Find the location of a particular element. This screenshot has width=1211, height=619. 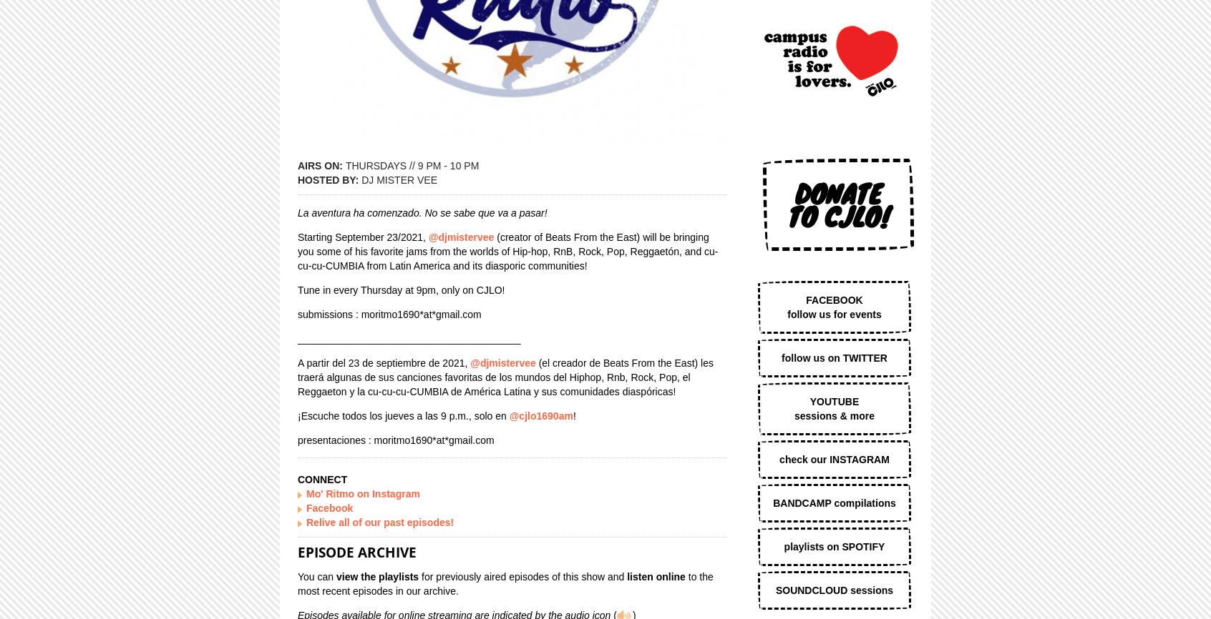

'HOSTED BY:' is located at coordinates (329, 179).